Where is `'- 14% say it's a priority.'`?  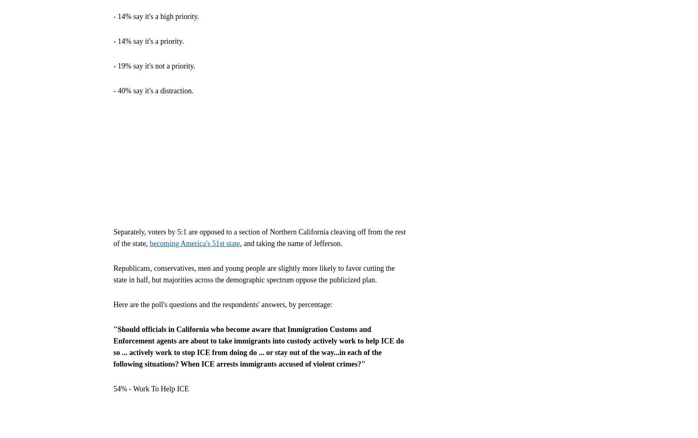
'- 14% say it's a priority.' is located at coordinates (149, 40).